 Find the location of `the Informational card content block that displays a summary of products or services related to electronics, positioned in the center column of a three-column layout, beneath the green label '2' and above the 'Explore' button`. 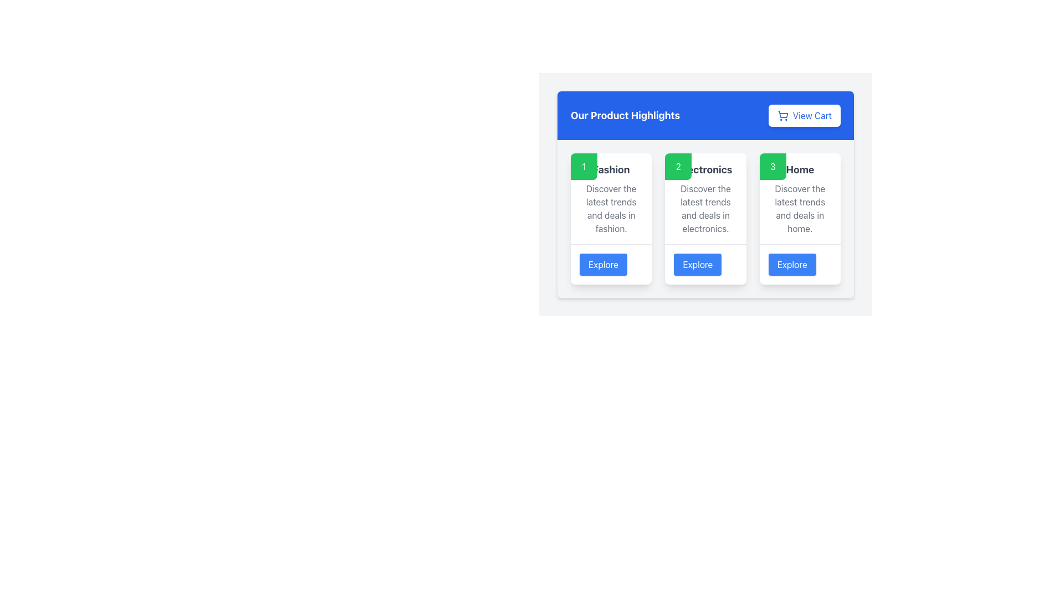

the Informational card content block that displays a summary of products or services related to electronics, positioned in the center column of a three-column layout, beneath the green label '2' and above the 'Explore' button is located at coordinates (705, 198).